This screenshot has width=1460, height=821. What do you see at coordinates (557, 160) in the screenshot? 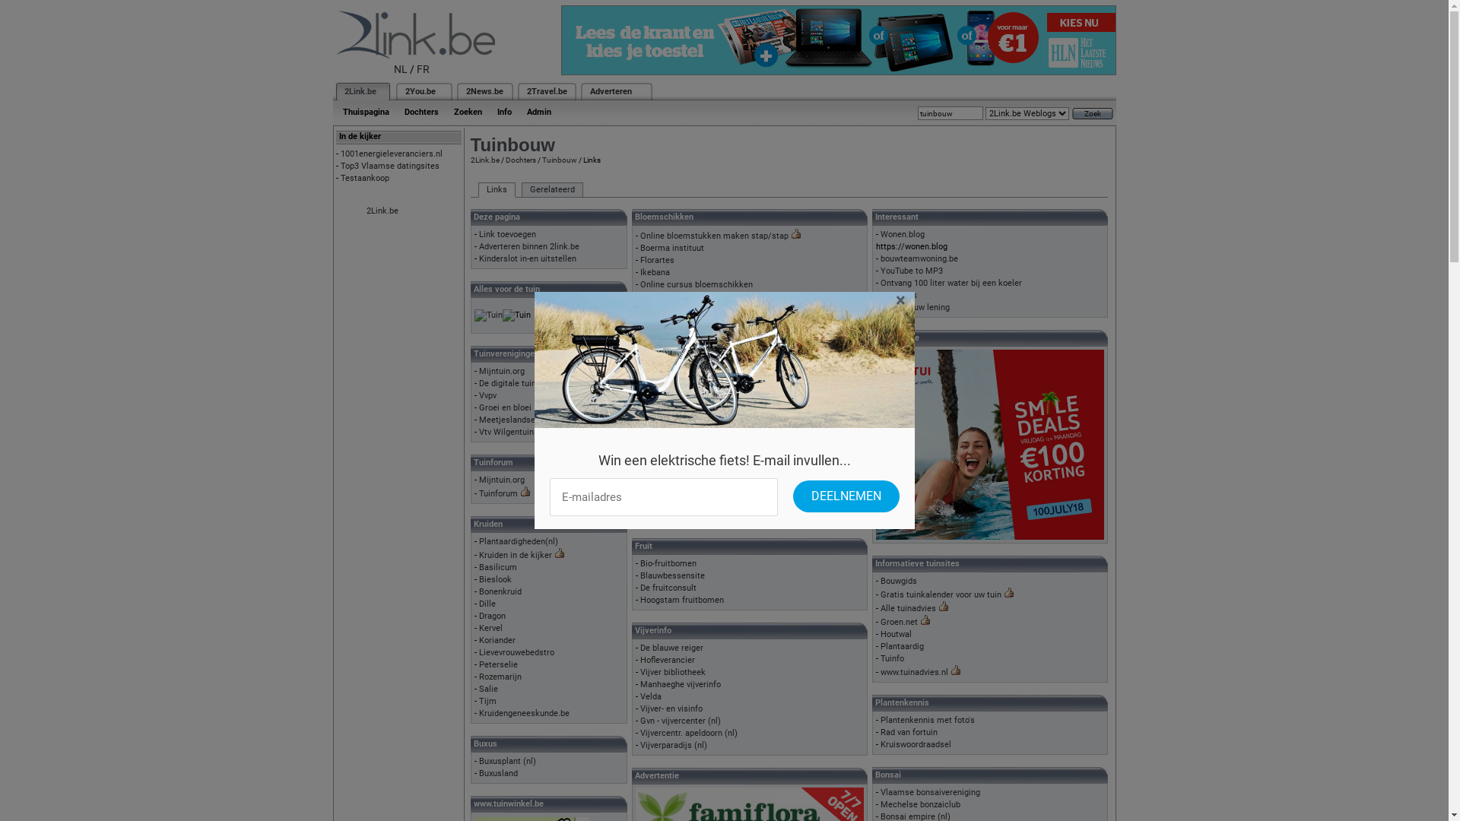
I see `'Tuinbouw'` at bounding box center [557, 160].